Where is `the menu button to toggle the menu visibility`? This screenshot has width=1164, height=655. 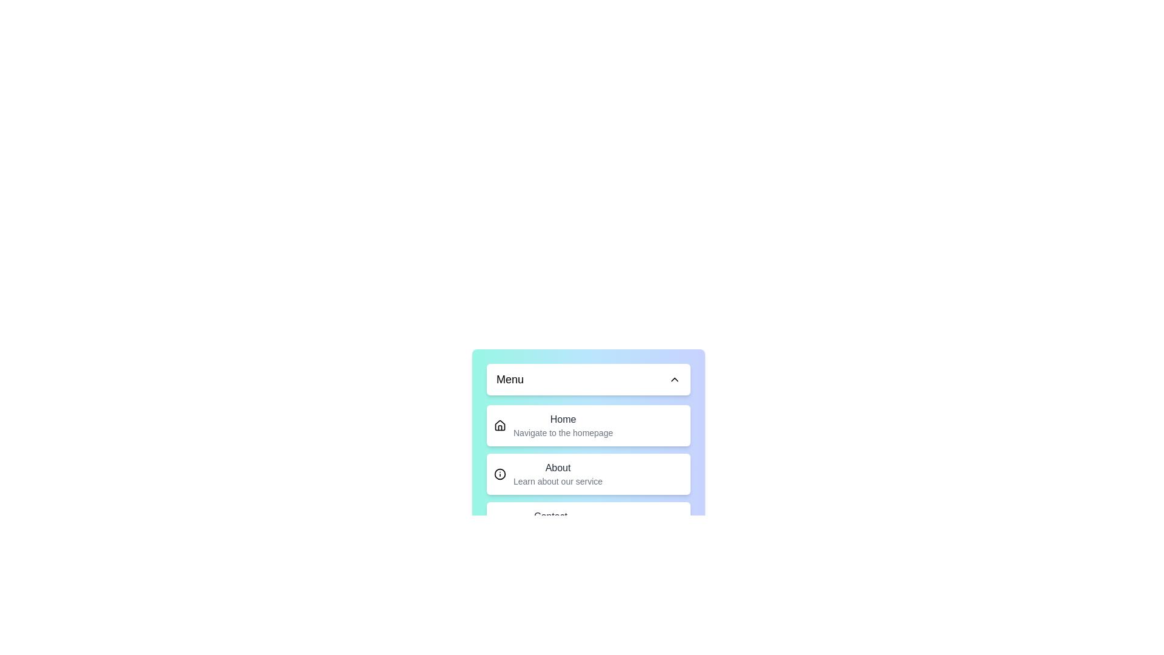
the menu button to toggle the menu visibility is located at coordinates (588, 378).